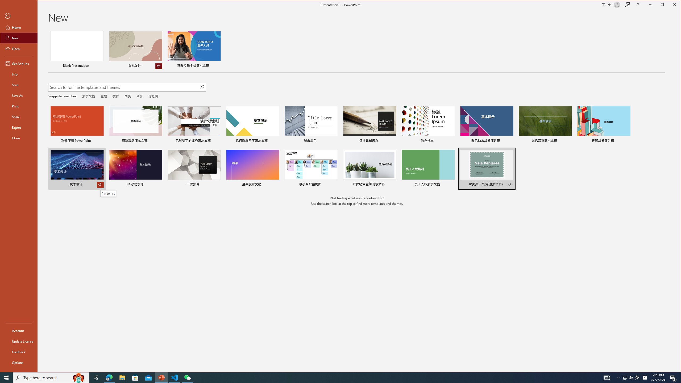 The width and height of the screenshot is (681, 383). I want to click on 'Maximize', so click(670, 5).